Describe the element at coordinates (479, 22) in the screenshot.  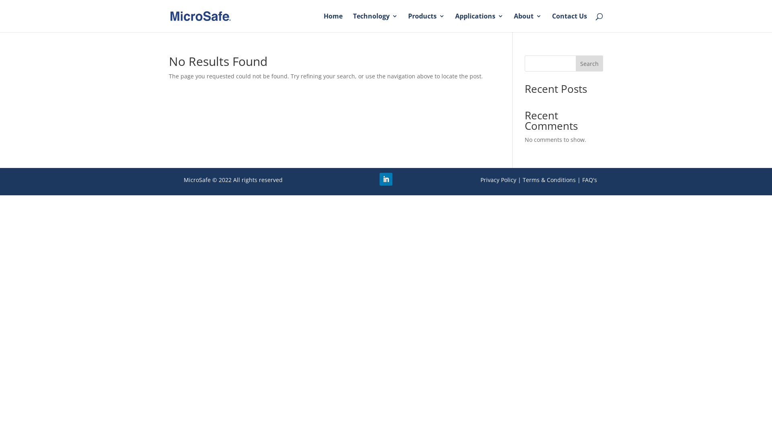
I see `'Applications'` at that location.